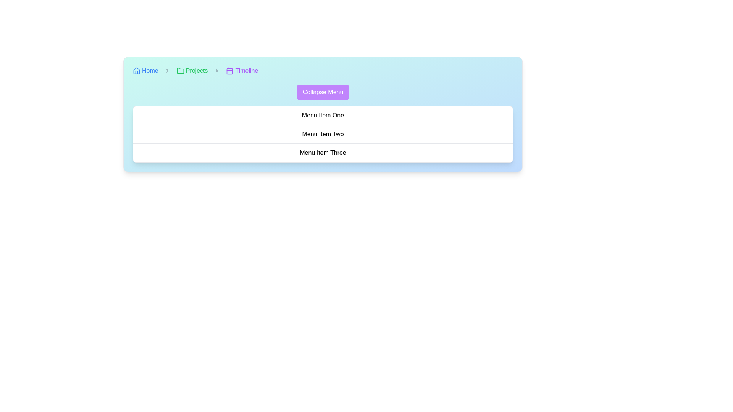  Describe the element at coordinates (180, 71) in the screenshot. I see `the decorative folder icon representing the 'Projects' section in the breadcrumb navigation bar, located between the 'Home' and 'Timeline' icons` at that location.